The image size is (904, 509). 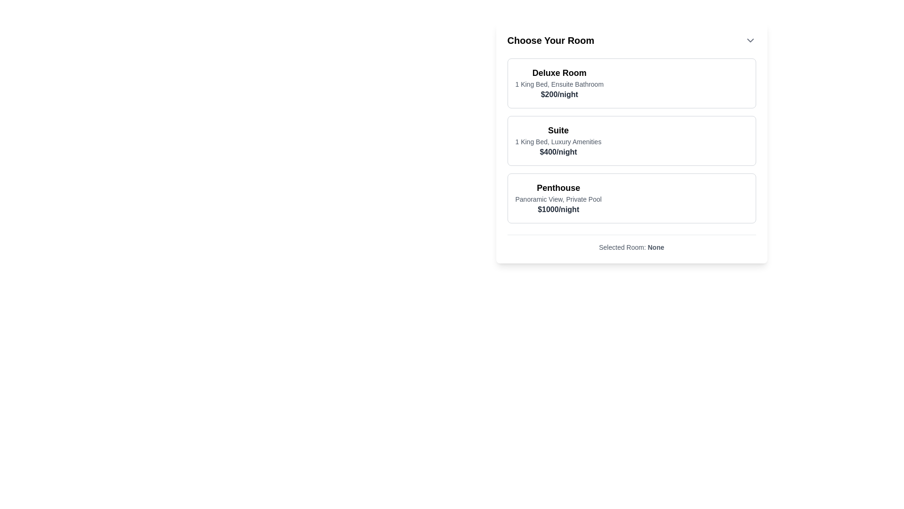 What do you see at coordinates (559, 72) in the screenshot?
I see `the heading text element displaying 'Deluxe Room', which is bold and larger in font, located at the top of the room details card` at bounding box center [559, 72].